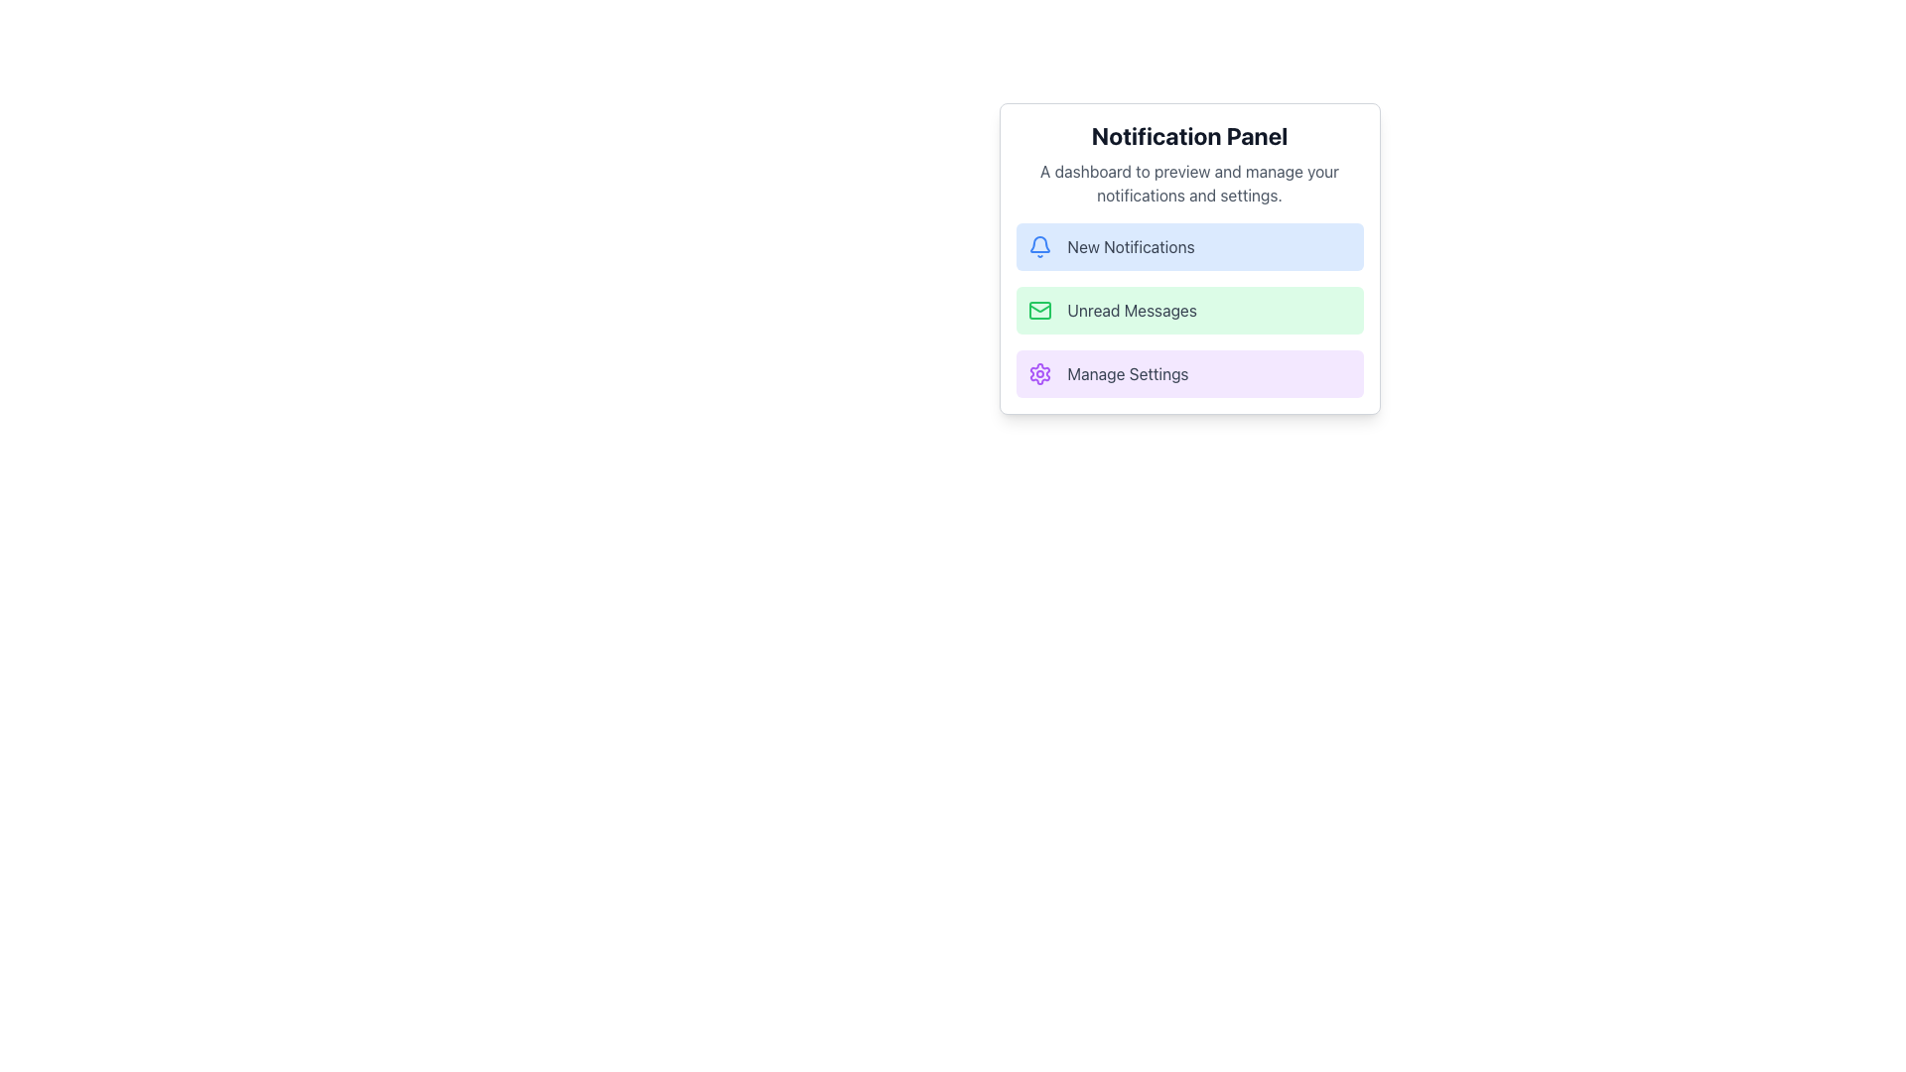 This screenshot has height=1072, width=1906. Describe the element at coordinates (1189, 310) in the screenshot. I see `the second button in the vertical list for viewing unread messages, located centrally on the right half of the interface` at that location.